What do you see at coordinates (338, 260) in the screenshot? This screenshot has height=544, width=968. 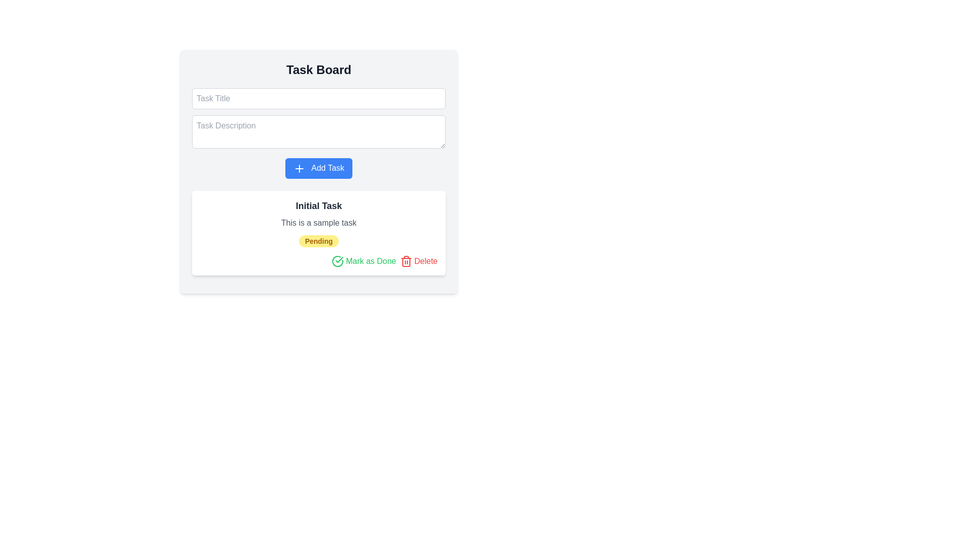 I see `the icon located to the left of the 'Mark as Done' label in the task action area of the task card under the 'Initial Task' heading to mark the task as done` at bounding box center [338, 260].